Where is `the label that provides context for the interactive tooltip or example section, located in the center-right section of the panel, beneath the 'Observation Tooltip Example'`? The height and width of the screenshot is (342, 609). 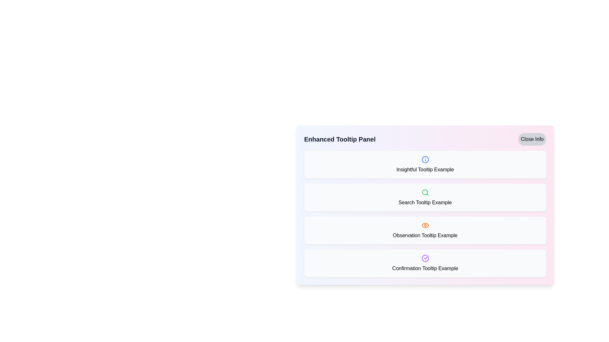 the label that provides context for the interactive tooltip or example section, located in the center-right section of the panel, beneath the 'Observation Tooltip Example' is located at coordinates (425, 269).